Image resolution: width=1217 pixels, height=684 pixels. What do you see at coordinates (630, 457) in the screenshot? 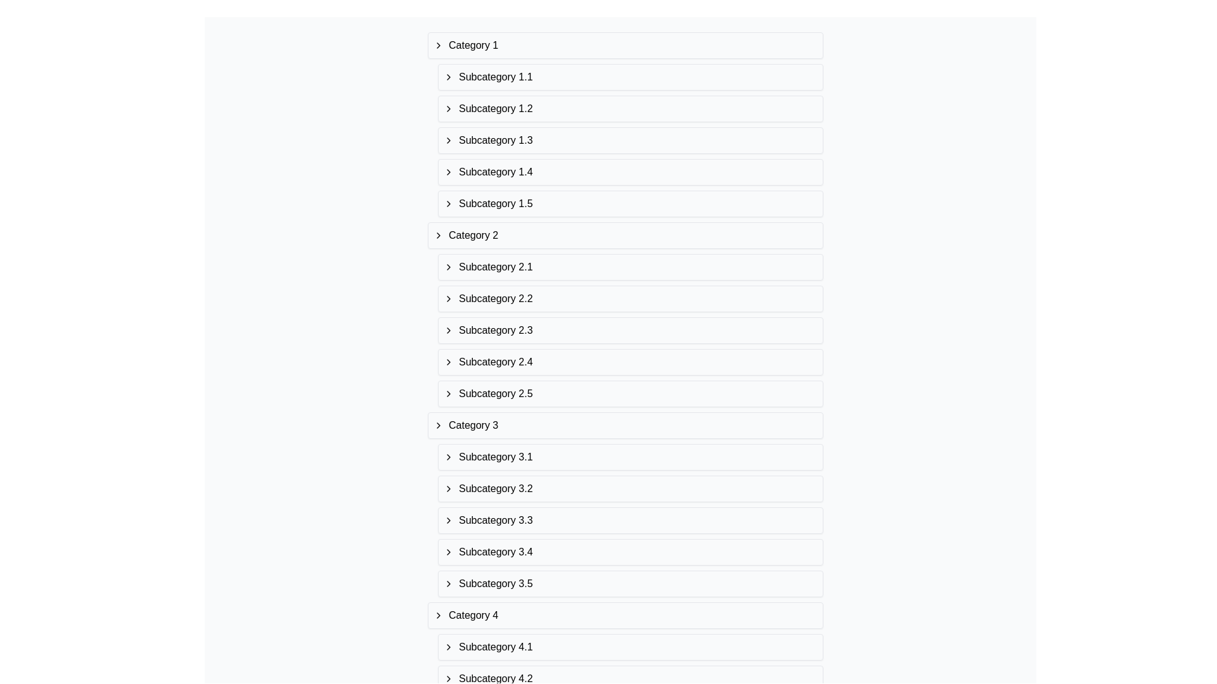
I see `the first item in the 'Category 3' list, labeled 'Subcategory 3.1'` at bounding box center [630, 457].